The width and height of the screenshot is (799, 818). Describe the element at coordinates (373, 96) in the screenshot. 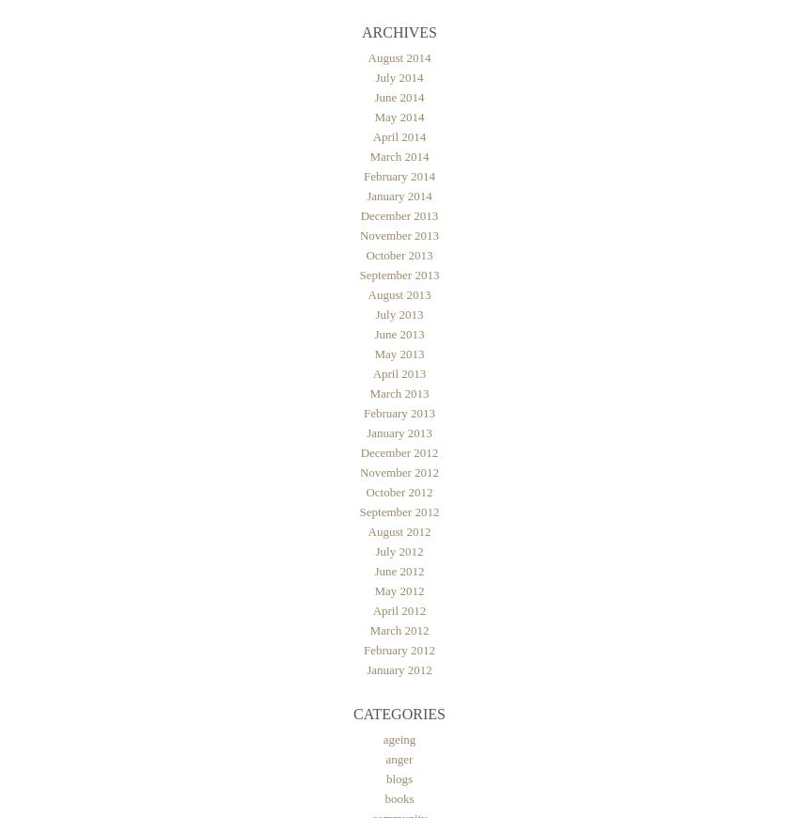

I see `'June 2014'` at that location.